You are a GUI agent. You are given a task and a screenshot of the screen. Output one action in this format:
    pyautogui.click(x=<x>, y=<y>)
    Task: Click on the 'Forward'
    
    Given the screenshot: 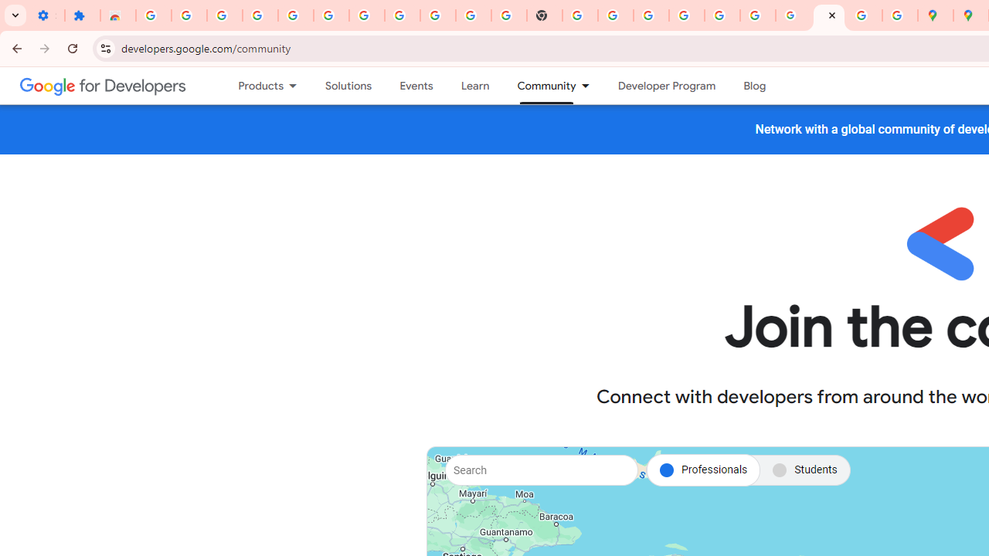 What is the action you would take?
    pyautogui.click(x=45, y=47)
    